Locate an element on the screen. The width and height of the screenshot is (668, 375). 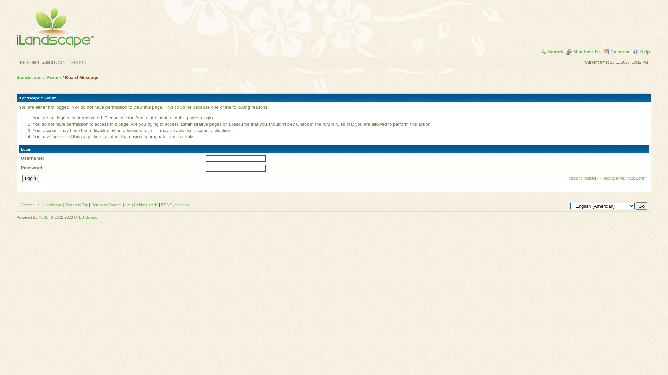
'Contact Us' is located at coordinates (20, 205).